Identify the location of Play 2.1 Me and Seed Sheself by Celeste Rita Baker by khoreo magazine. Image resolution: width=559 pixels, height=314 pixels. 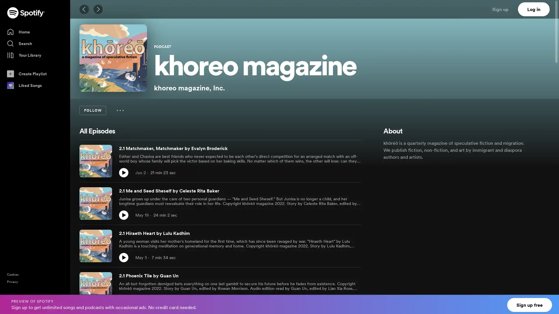
(123, 215).